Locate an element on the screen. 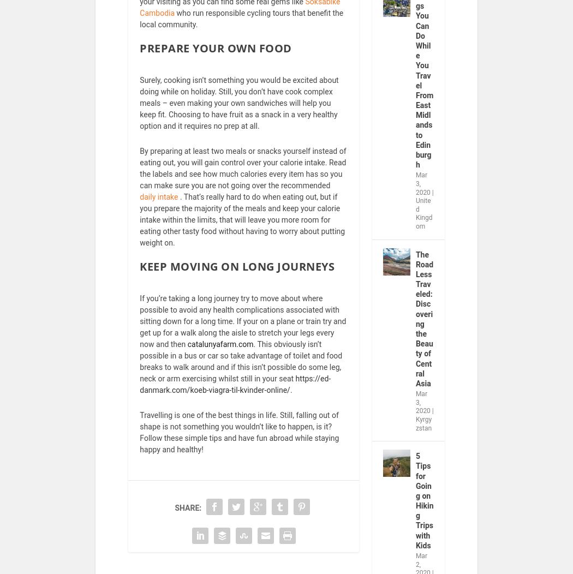 The image size is (573, 574). 'Kyrgyzstan' is located at coordinates (423, 430).